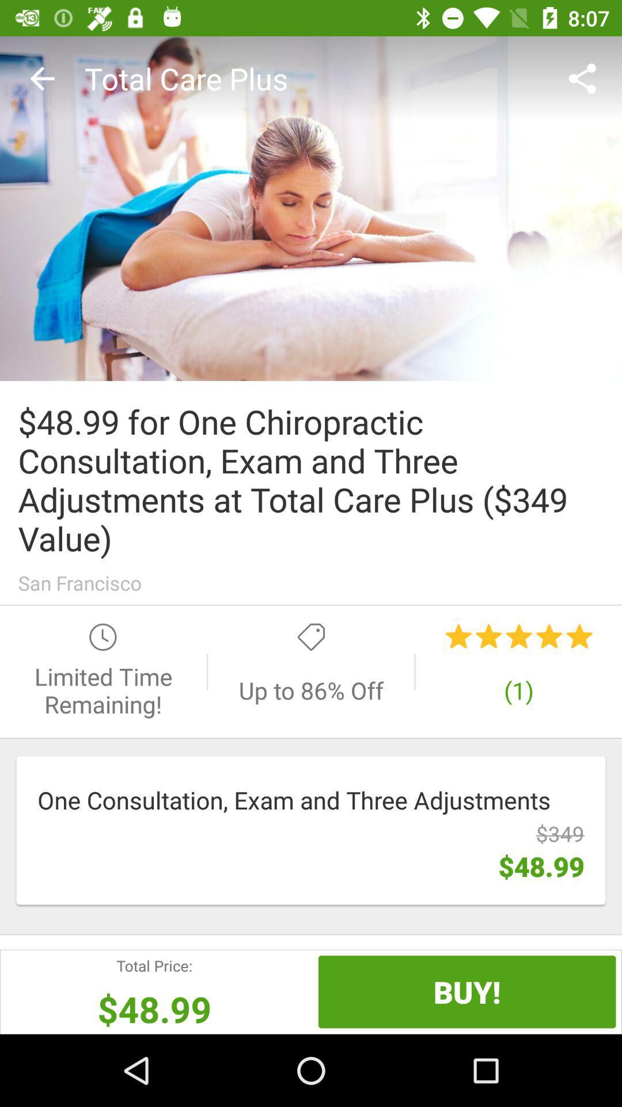 This screenshot has width=622, height=1107. Describe the element at coordinates (467, 991) in the screenshot. I see `buy! icon` at that location.